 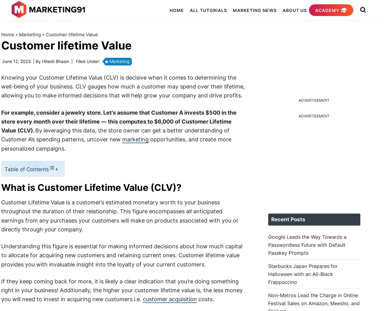 I want to click on 'If they keep coming back for more, it is likely a clear indication that you’re doing something right in your business! Additionally, the higher your customer lifetime value is, the less money you will need to invest in acquiring new customers i.e.', so click(x=122, y=290).